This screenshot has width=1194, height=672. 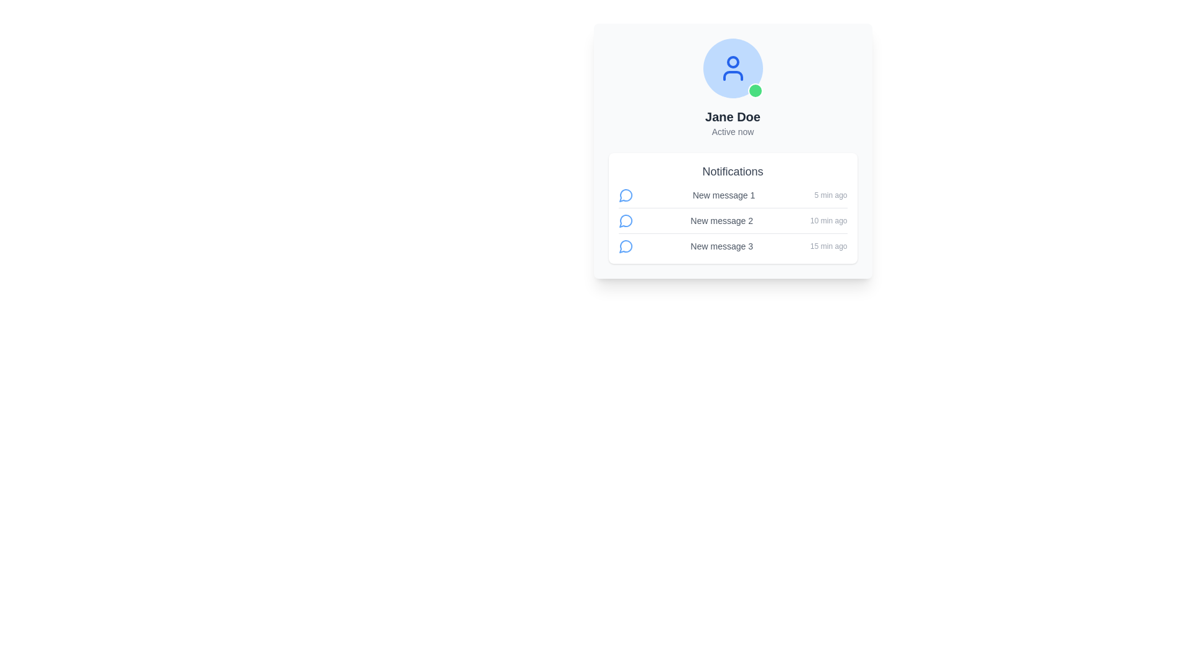 What do you see at coordinates (733, 123) in the screenshot?
I see `the text display showing 'Jane Doe - Active now'` at bounding box center [733, 123].